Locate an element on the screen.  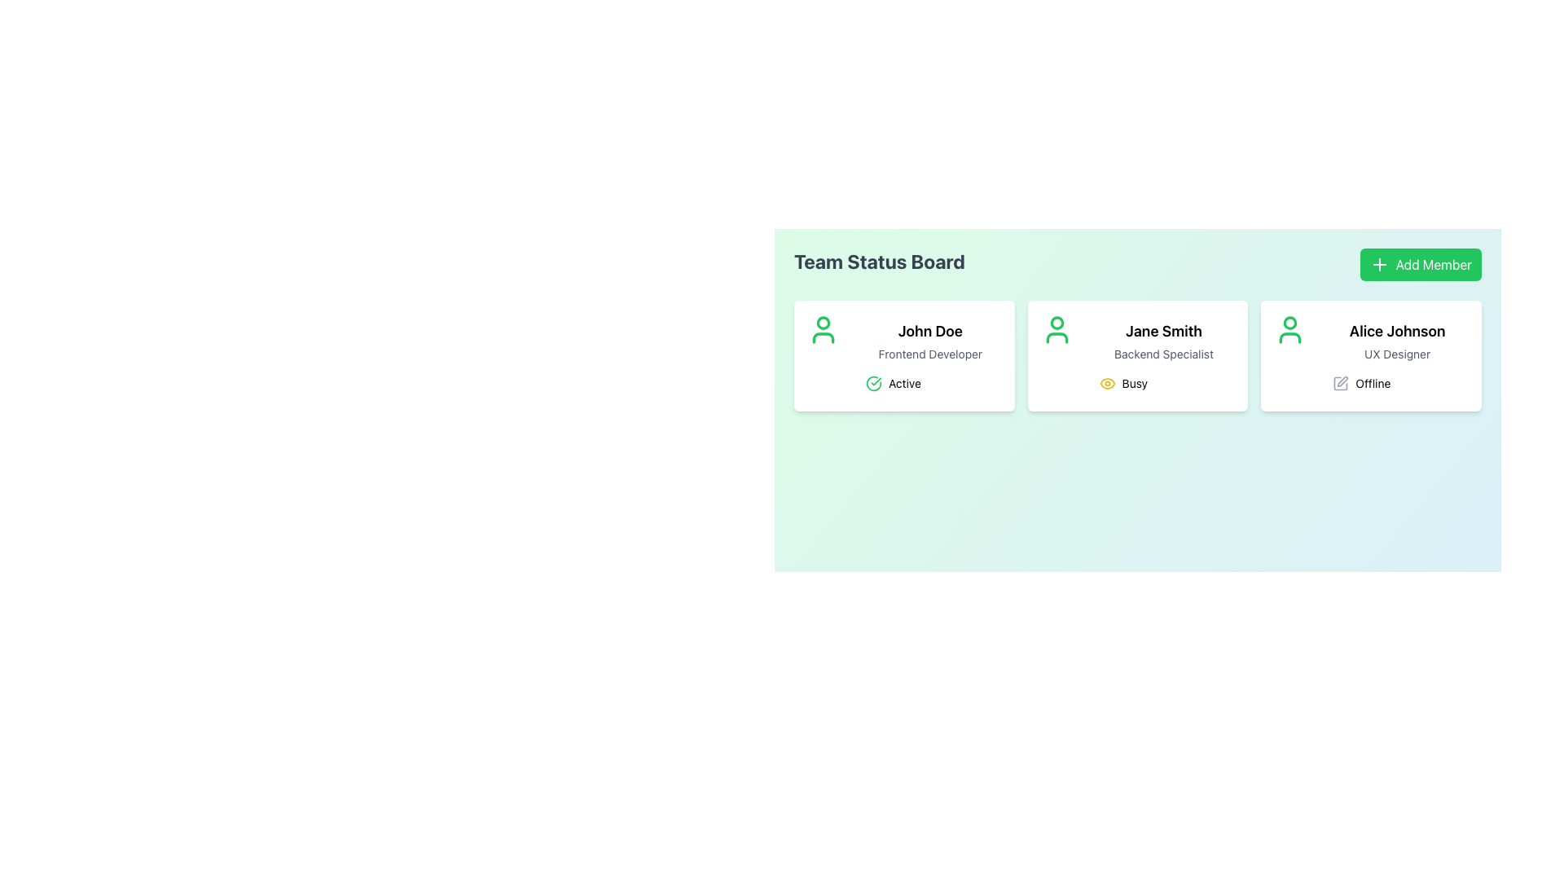
the 'Offline' text label displayed in grayish tone within the card for 'Alice Johnson - UX Designer' is located at coordinates (1372, 383).